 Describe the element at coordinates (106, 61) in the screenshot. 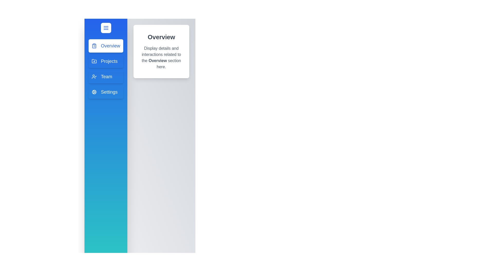

I see `the Projects section in the drawer` at that location.